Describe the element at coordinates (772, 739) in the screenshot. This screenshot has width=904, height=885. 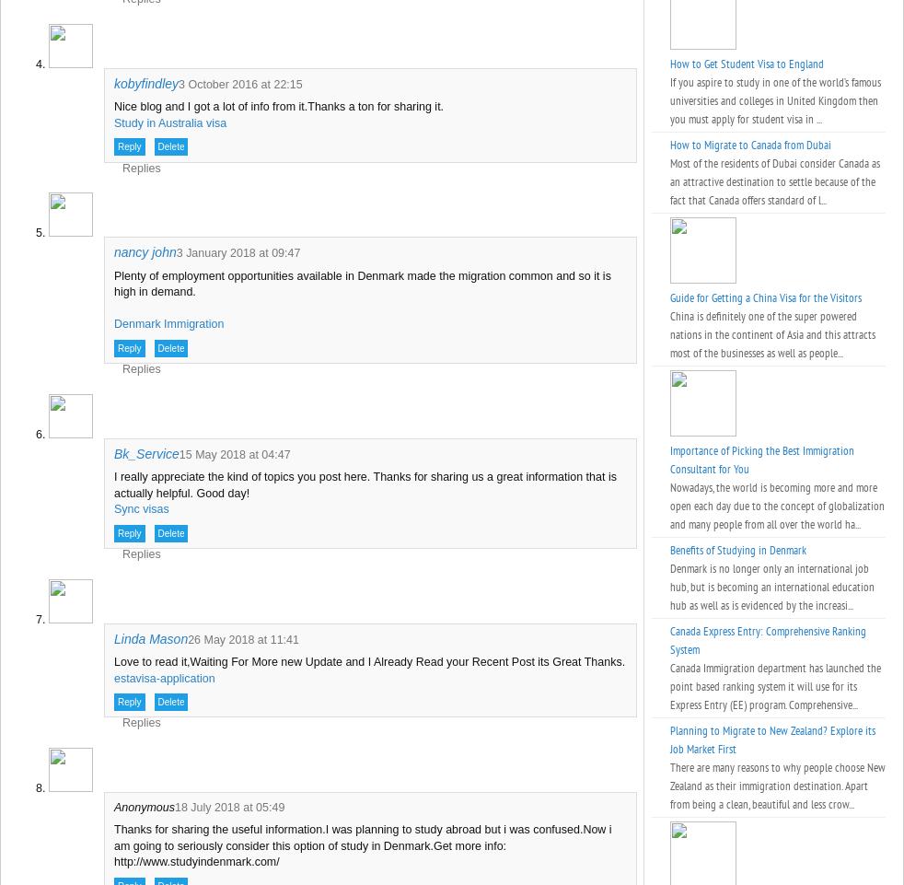
I see `'Planning to Migrate to New Zealand? Explore its Job Market First'` at that location.